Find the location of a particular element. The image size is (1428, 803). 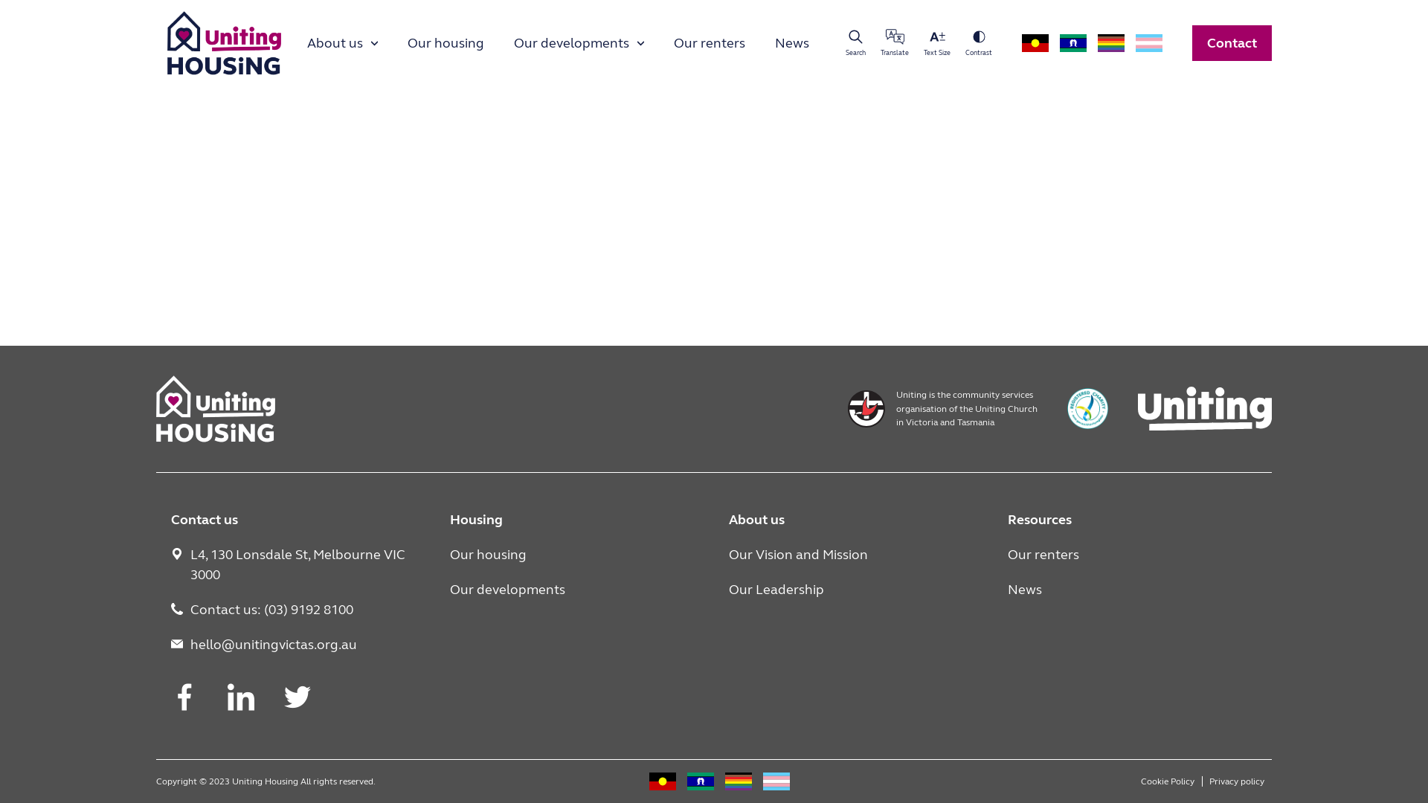

'LinkedIn' is located at coordinates (241, 697).